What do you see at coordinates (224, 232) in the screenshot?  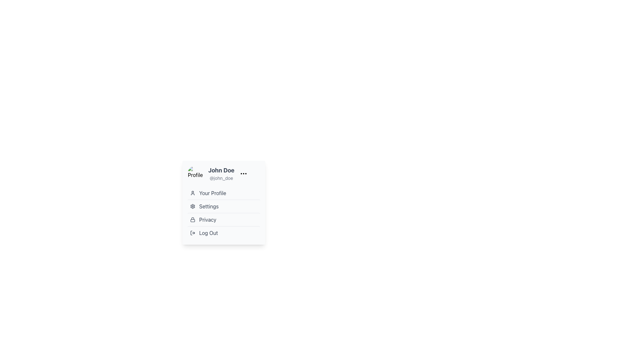 I see `the 'Log Out' button, which is the last item in the dropdown menu, to log out` at bounding box center [224, 232].